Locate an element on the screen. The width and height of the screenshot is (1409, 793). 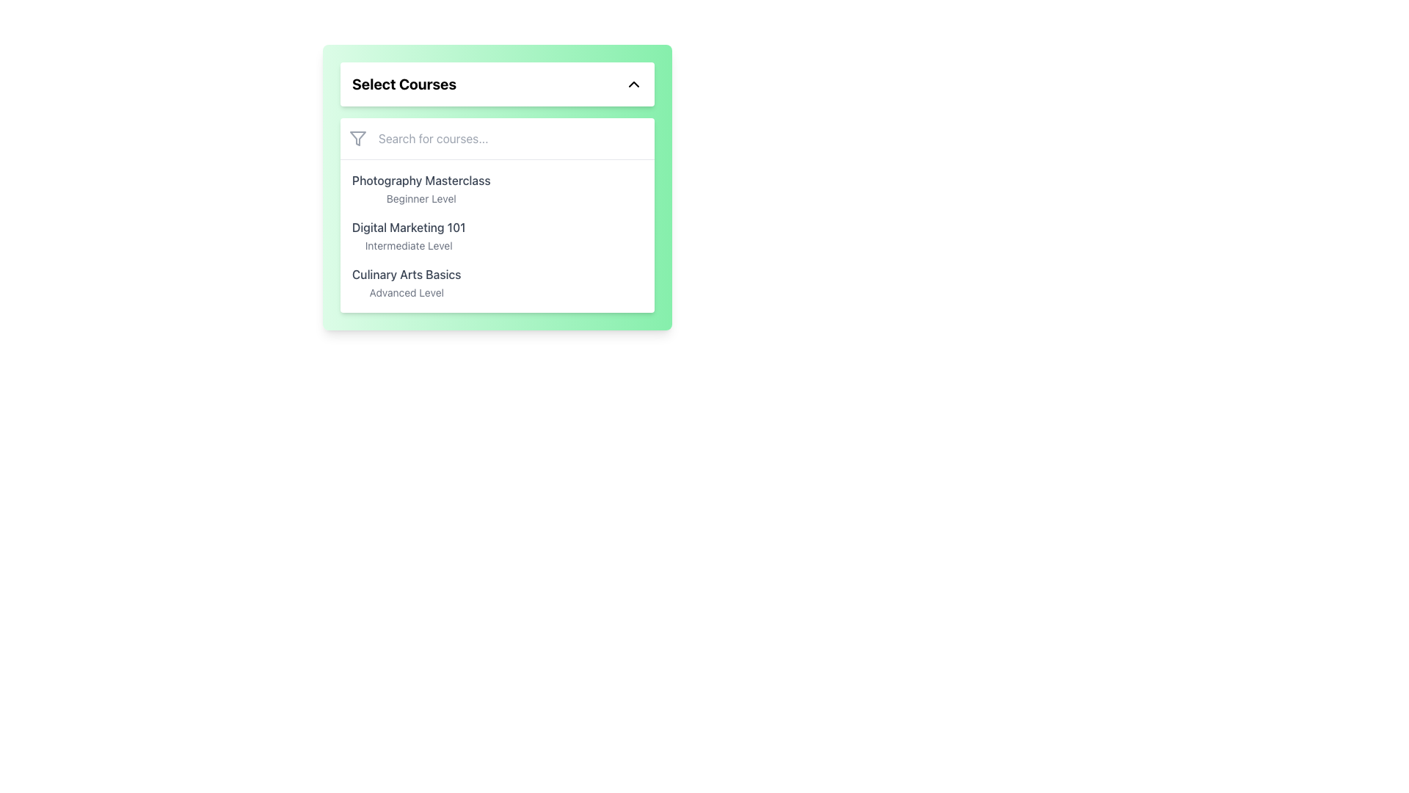
the text label indicating the difficulty level 'Beginner Level' of the course 'Photography Masterclass' is located at coordinates (420, 198).